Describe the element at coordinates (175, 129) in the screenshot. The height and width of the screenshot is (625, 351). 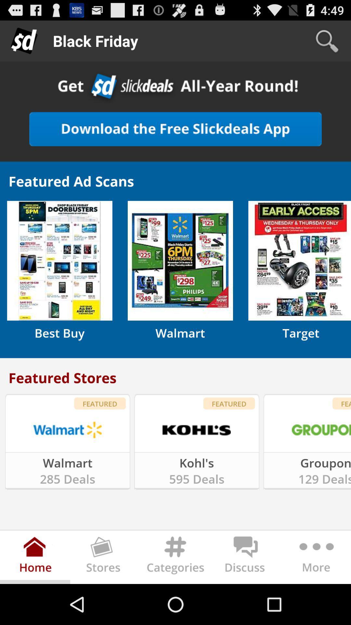
I see `download link` at that location.